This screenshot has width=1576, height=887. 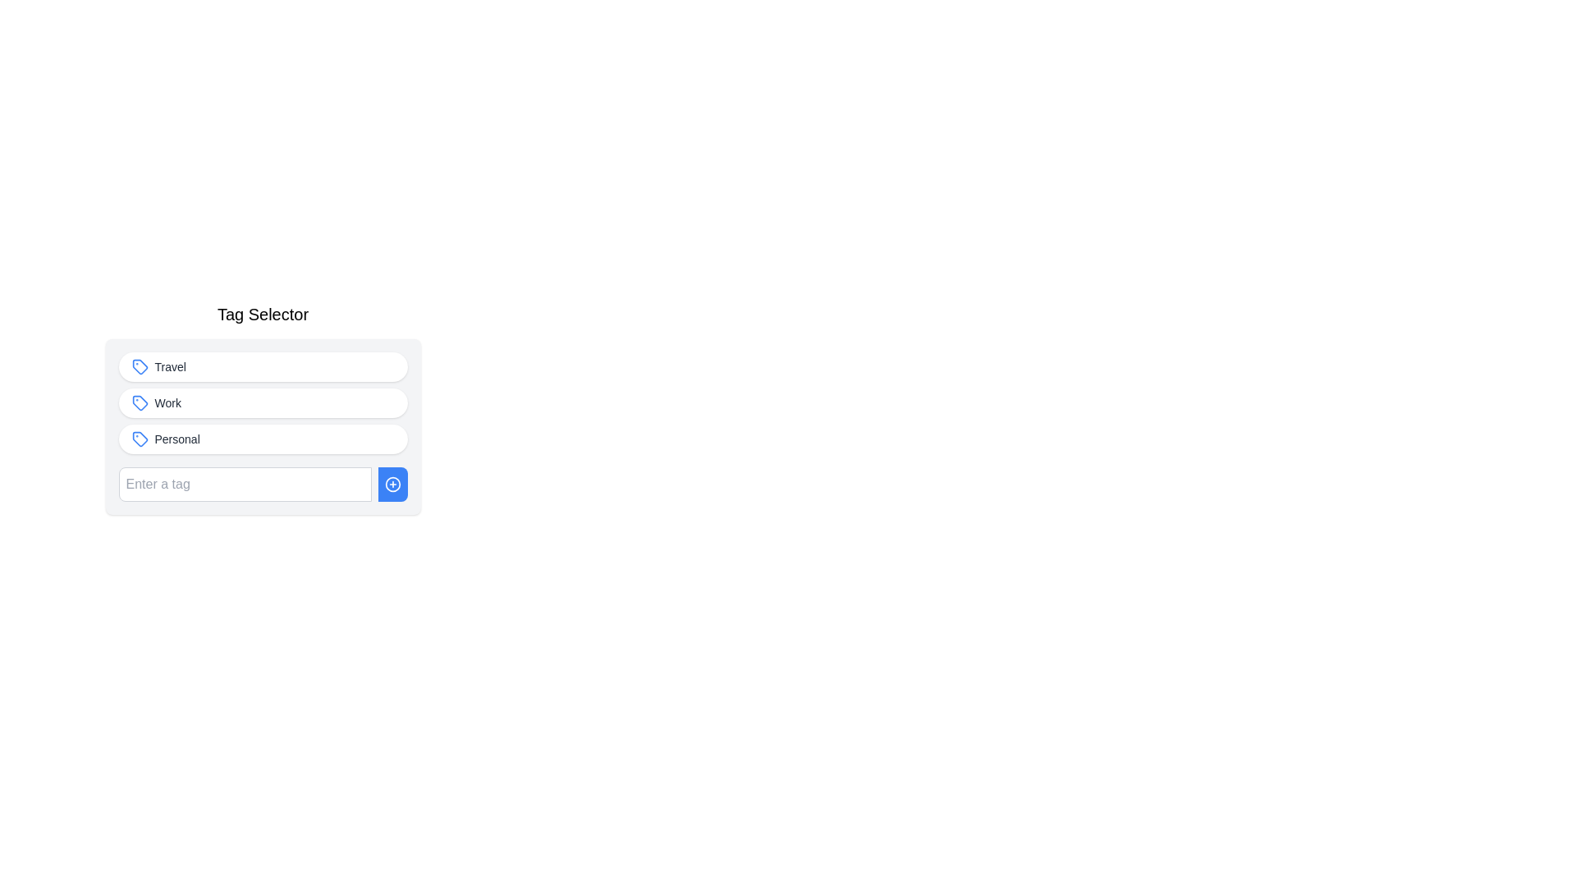 What do you see at coordinates (140, 439) in the screenshot?
I see `the decorative icon for the 'Personal' list item, which is the third item in a vertical list and is positioned to the left of the label 'Personal'` at bounding box center [140, 439].